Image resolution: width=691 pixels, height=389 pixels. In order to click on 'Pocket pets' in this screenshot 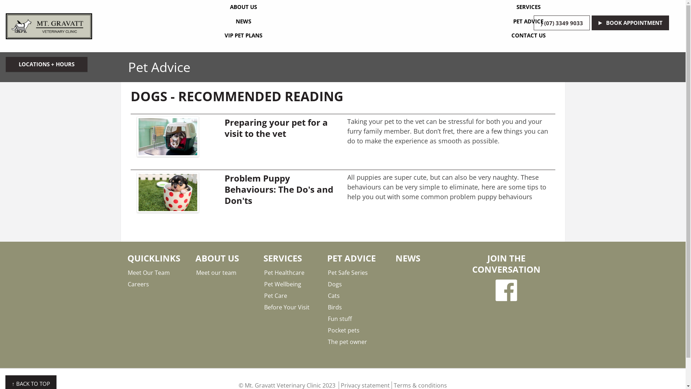, I will do `click(328, 330)`.